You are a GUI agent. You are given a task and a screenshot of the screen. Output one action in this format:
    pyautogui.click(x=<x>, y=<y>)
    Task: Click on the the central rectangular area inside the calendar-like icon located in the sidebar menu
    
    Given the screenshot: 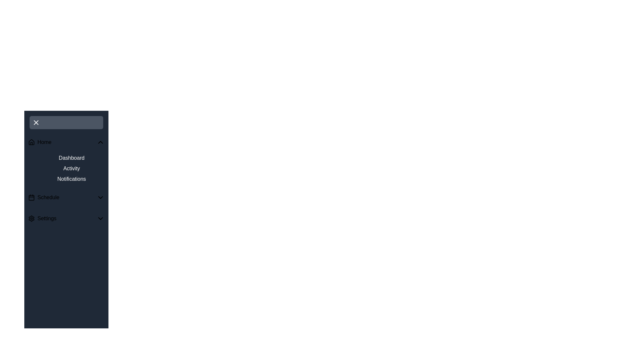 What is the action you would take?
    pyautogui.click(x=31, y=197)
    